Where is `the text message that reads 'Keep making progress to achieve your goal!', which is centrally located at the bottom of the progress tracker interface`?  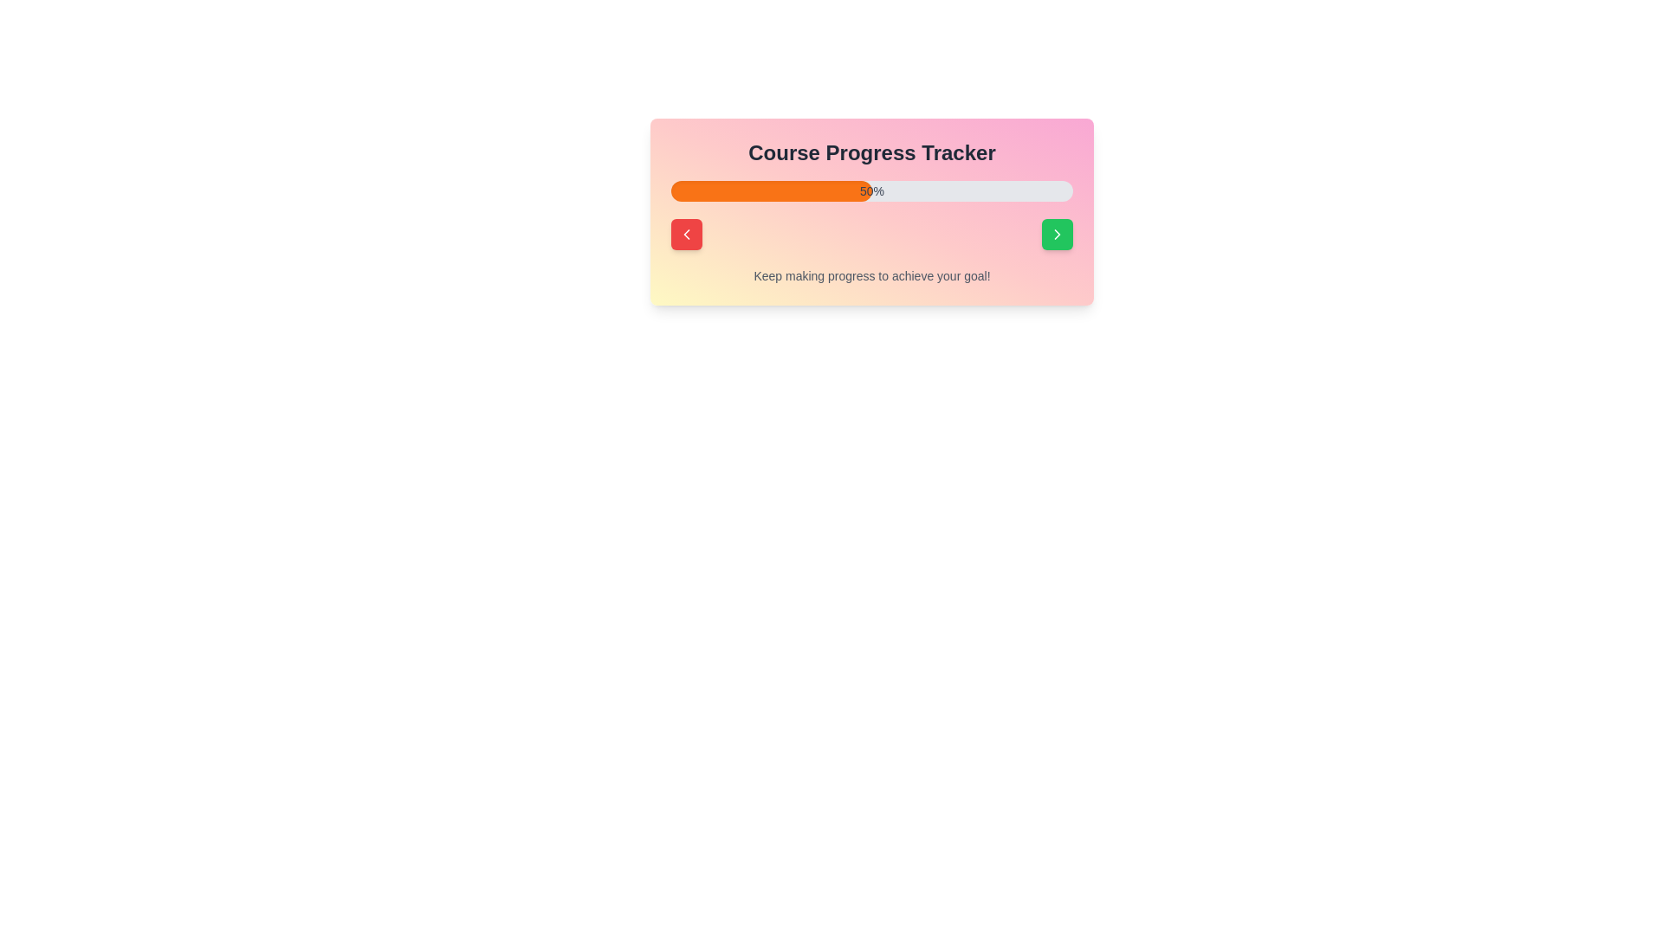
the text message that reads 'Keep making progress to achieve your goal!', which is centrally located at the bottom of the progress tracker interface is located at coordinates (872, 275).